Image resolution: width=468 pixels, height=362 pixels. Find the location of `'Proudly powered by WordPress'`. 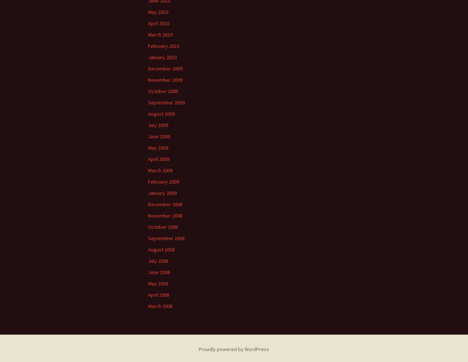

'Proudly powered by WordPress' is located at coordinates (234, 349).